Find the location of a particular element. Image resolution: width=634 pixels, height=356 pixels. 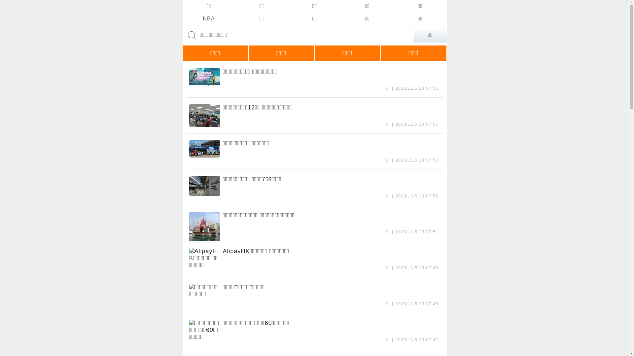

'NBA' is located at coordinates (208, 18).